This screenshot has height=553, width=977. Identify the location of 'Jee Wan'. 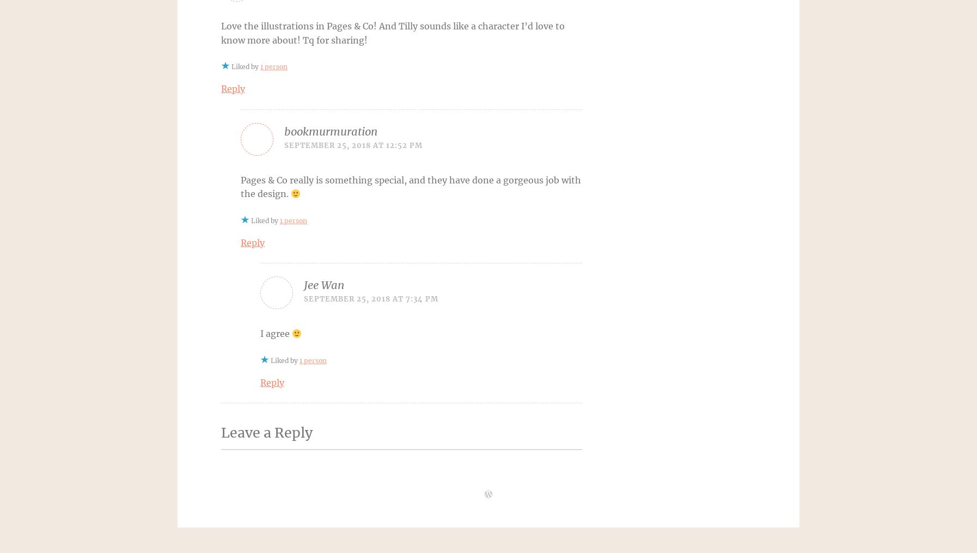
(324, 284).